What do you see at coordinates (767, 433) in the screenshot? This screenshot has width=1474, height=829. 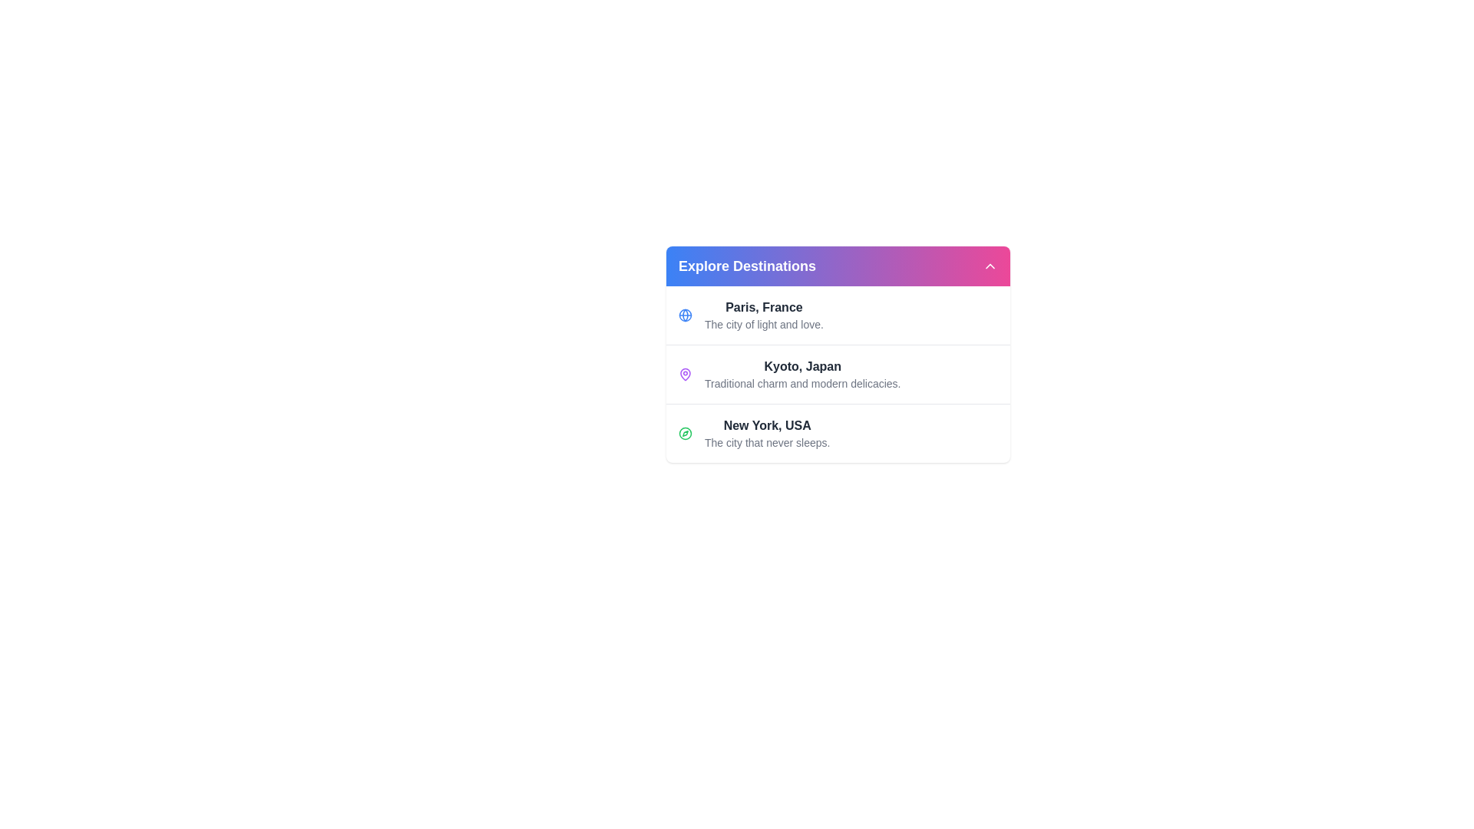 I see `the third list item titled 'New York, USA'` at bounding box center [767, 433].